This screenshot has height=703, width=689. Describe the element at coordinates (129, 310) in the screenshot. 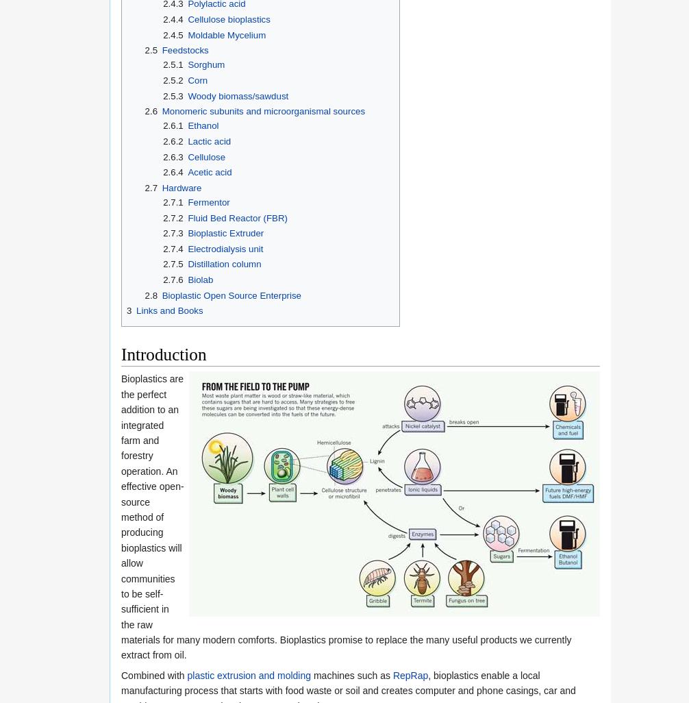

I see `'3'` at that location.